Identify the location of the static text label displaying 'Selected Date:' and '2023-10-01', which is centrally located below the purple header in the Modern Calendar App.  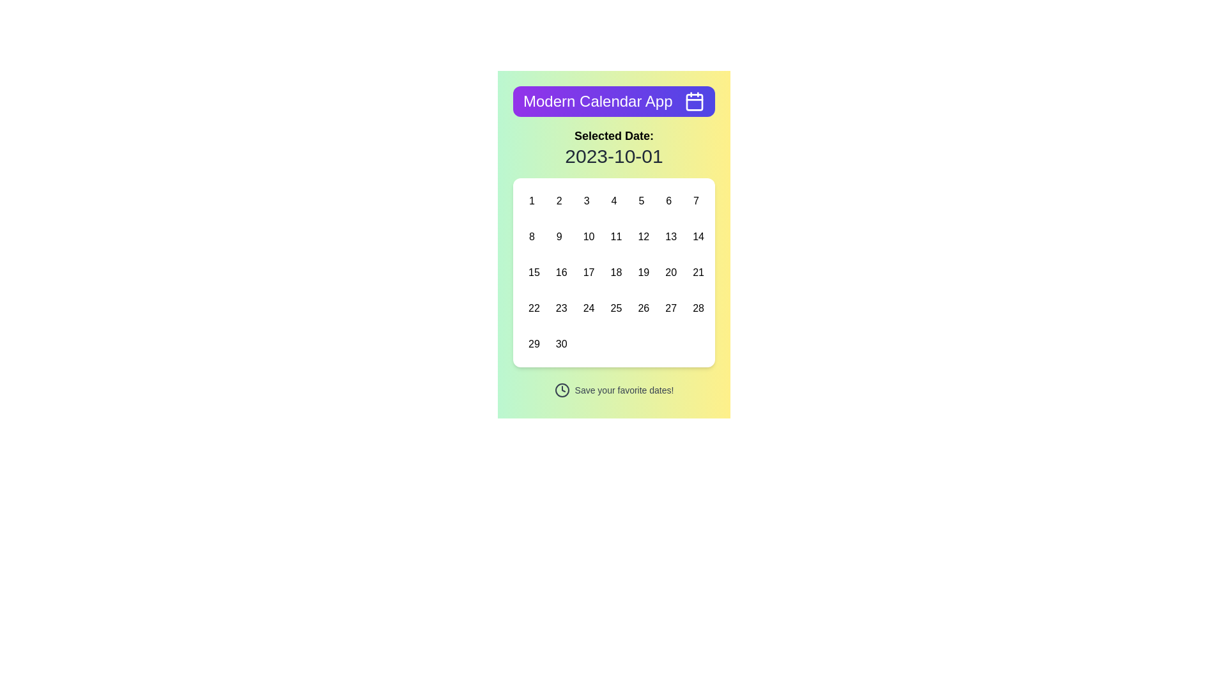
(613, 147).